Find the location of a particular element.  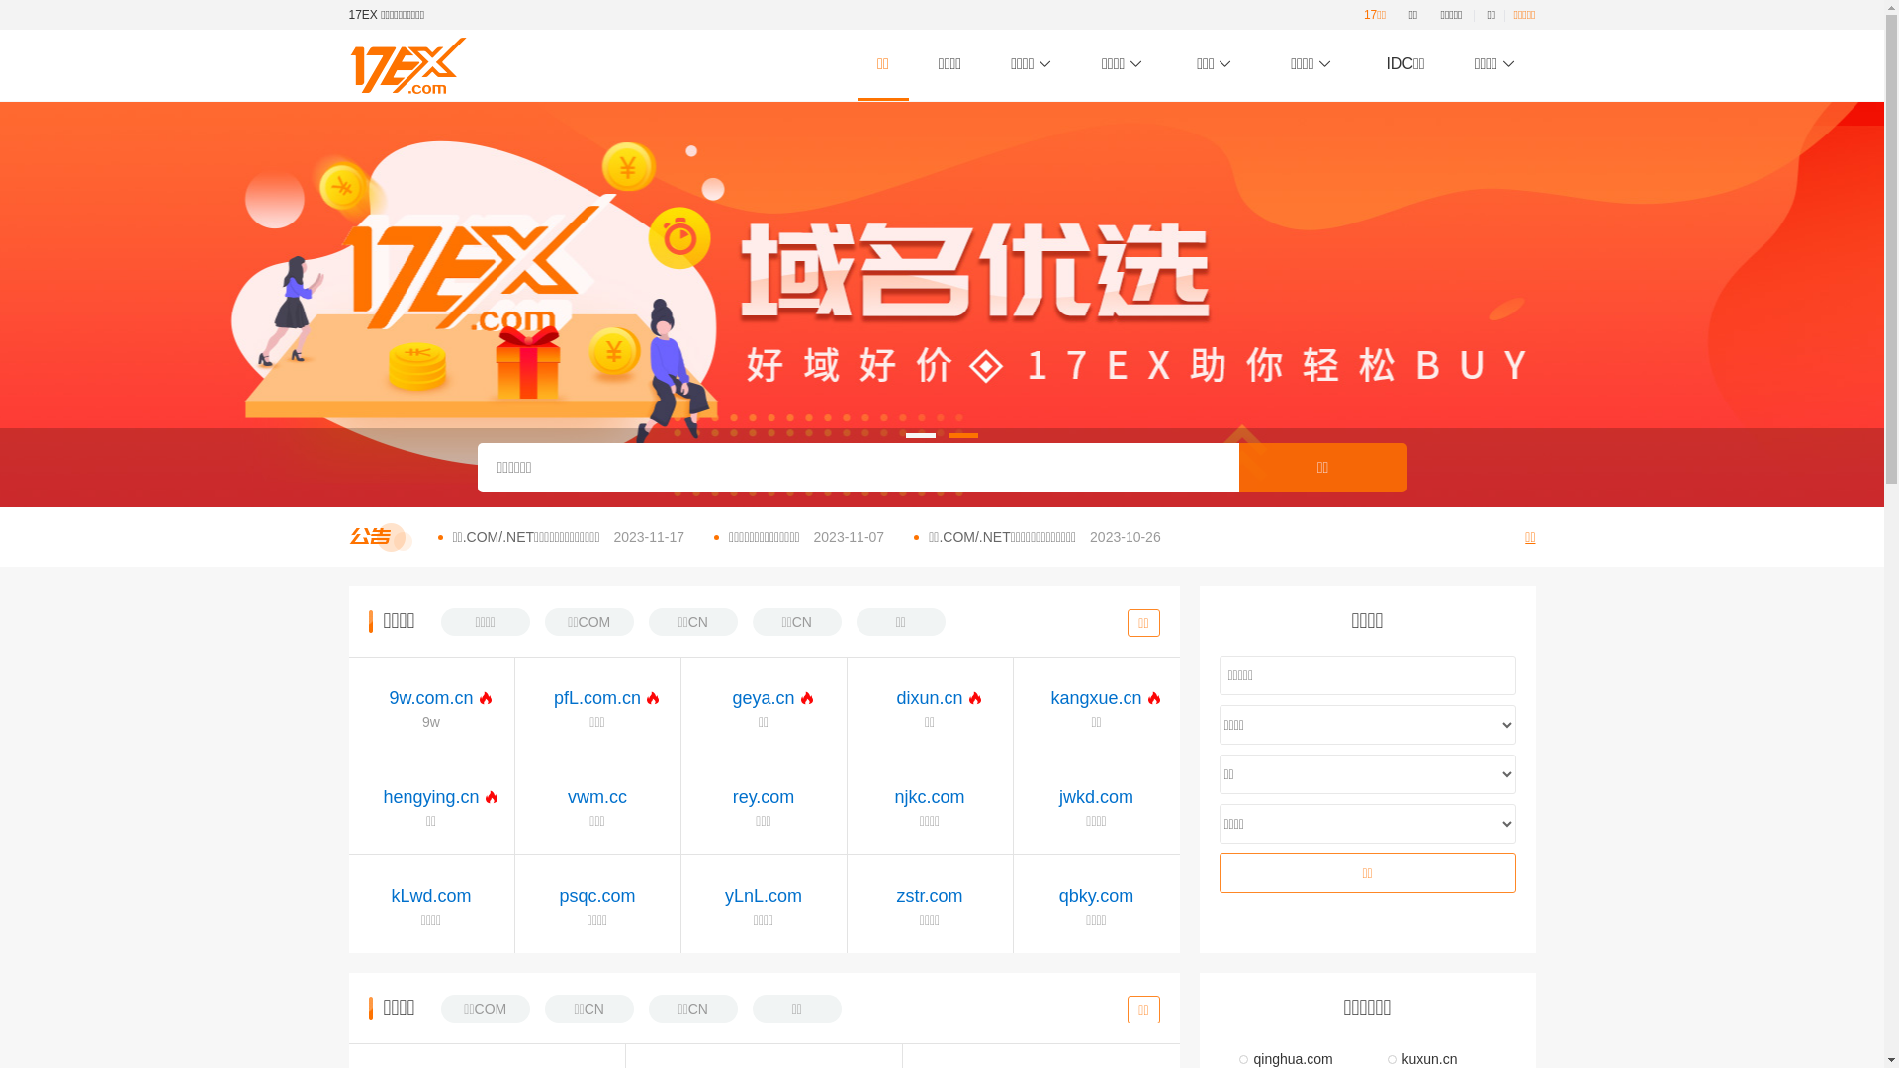

'9w.com.cn is located at coordinates (430, 705).